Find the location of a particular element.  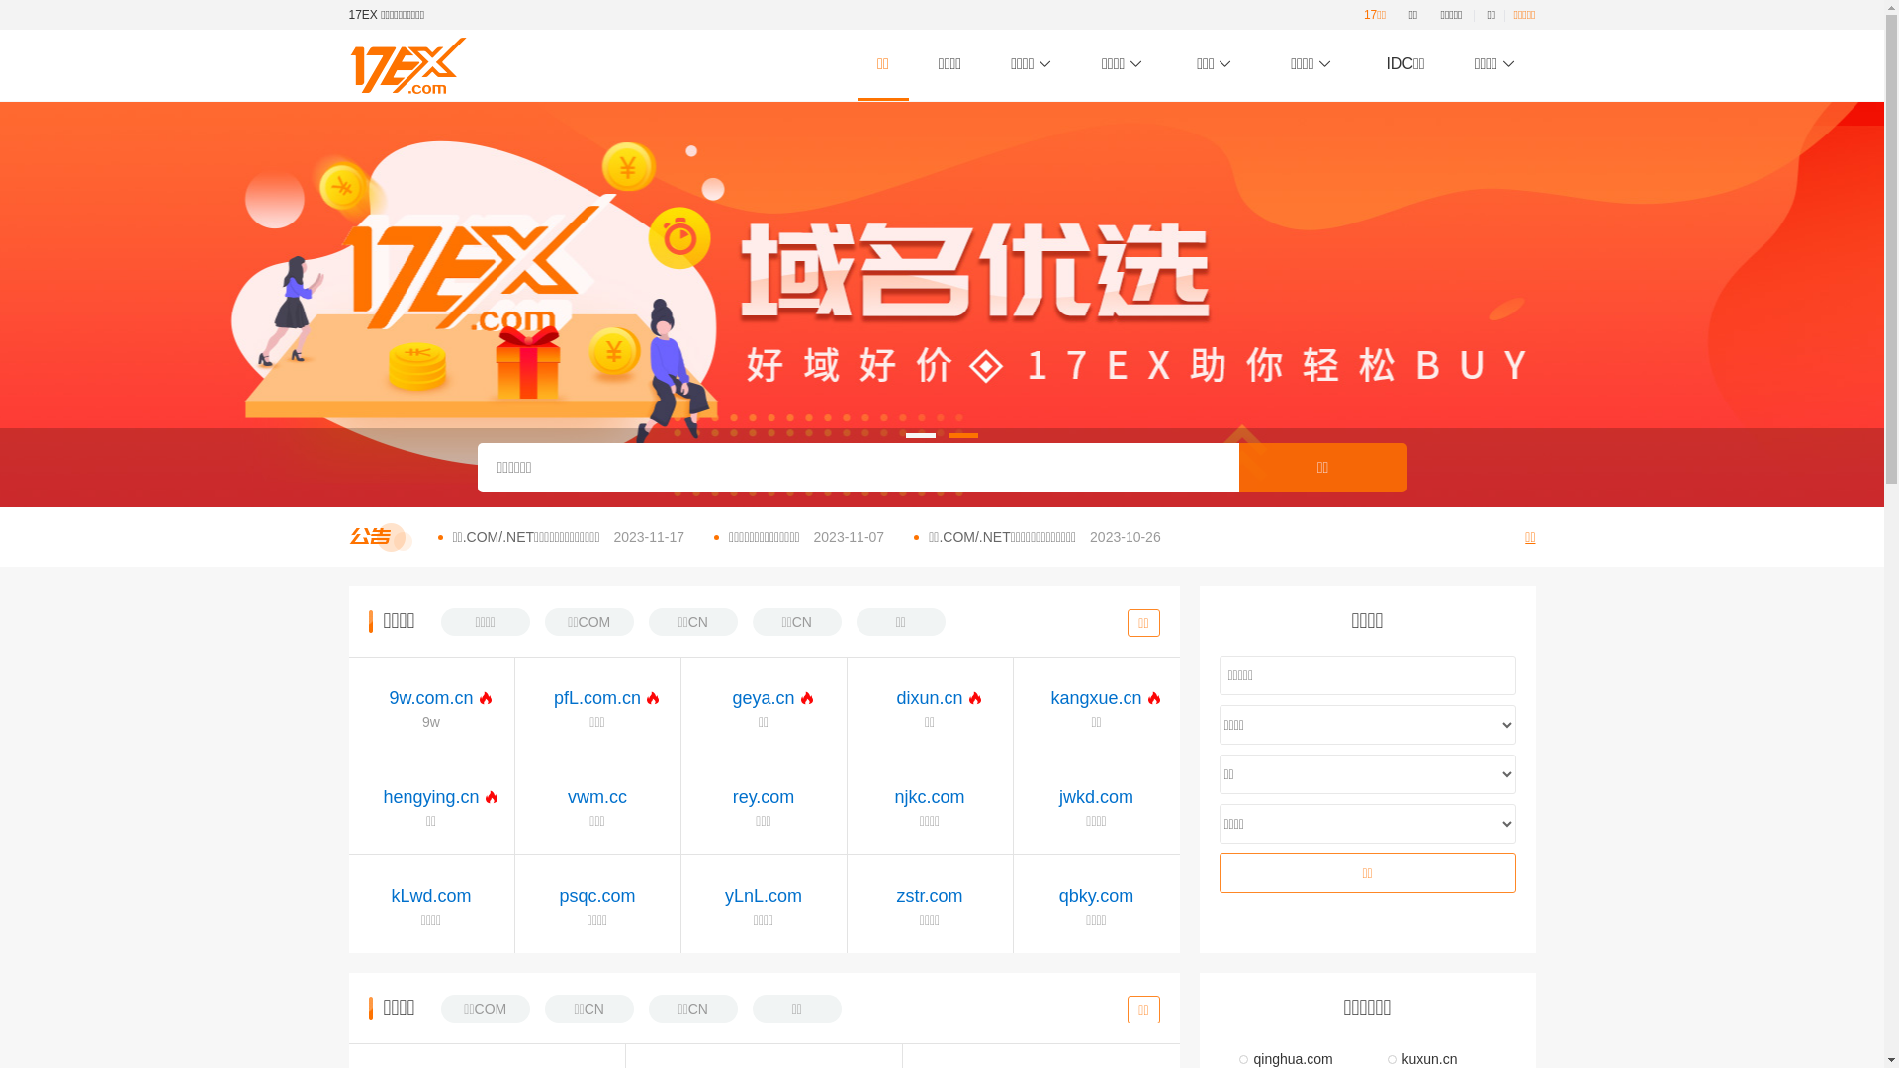

'9w.com.cn is located at coordinates (430, 705).